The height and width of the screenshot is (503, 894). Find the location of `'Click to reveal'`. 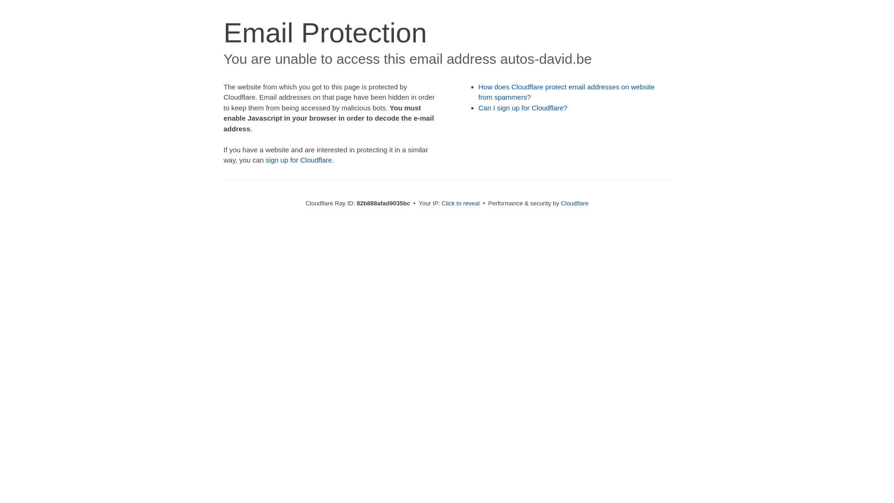

'Click to reveal' is located at coordinates (461, 203).